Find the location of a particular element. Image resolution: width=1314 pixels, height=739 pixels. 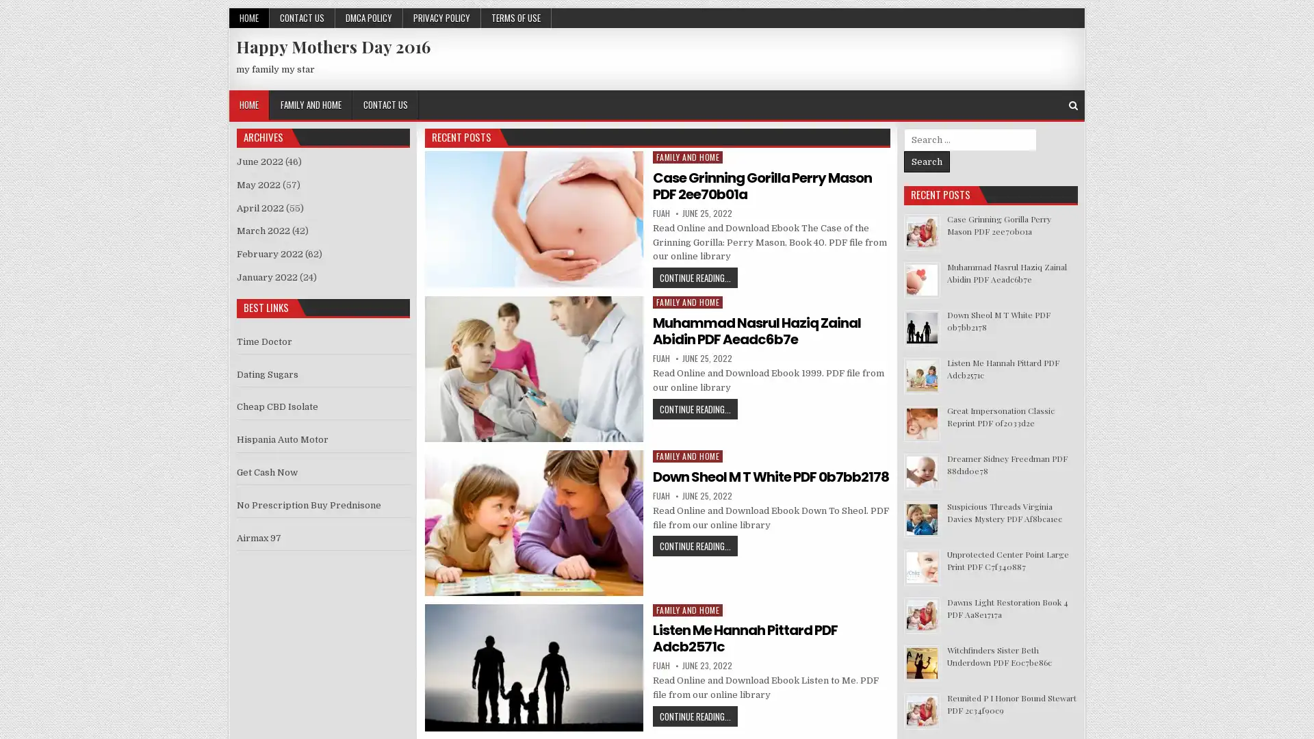

Search is located at coordinates (927, 161).